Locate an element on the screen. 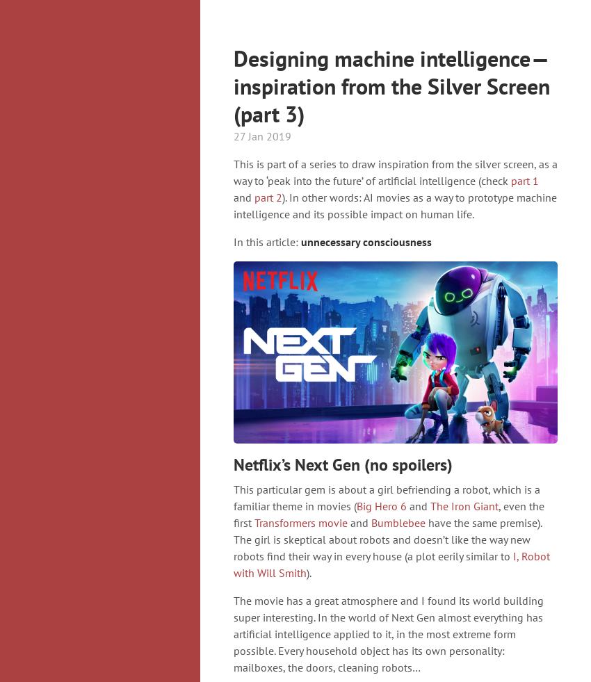  '). In other words: AI movies as a way to prototype machine intelligence and its possible impact on human life.' is located at coordinates (395, 204).